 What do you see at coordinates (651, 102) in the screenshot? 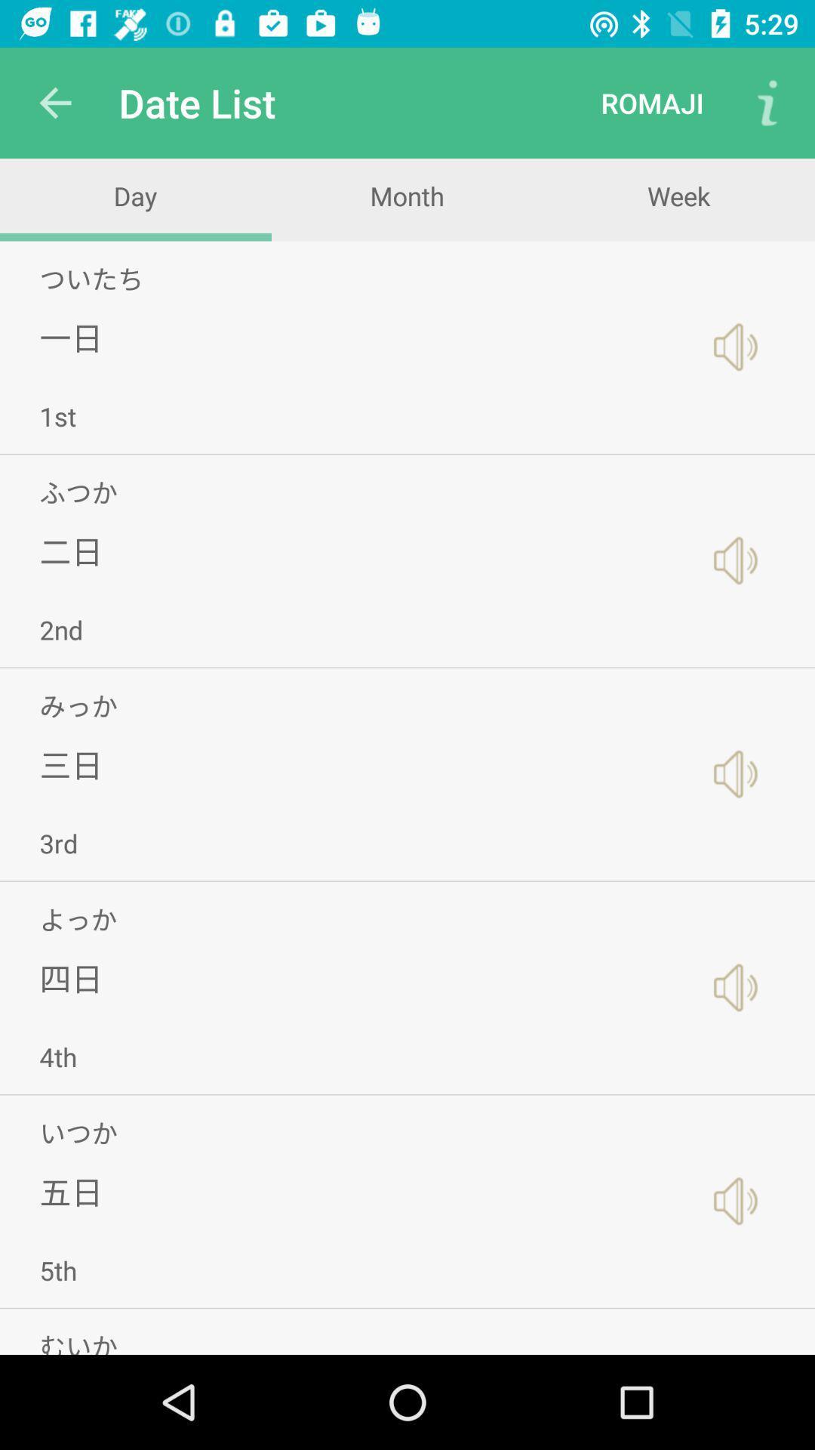
I see `the romaji item` at bounding box center [651, 102].